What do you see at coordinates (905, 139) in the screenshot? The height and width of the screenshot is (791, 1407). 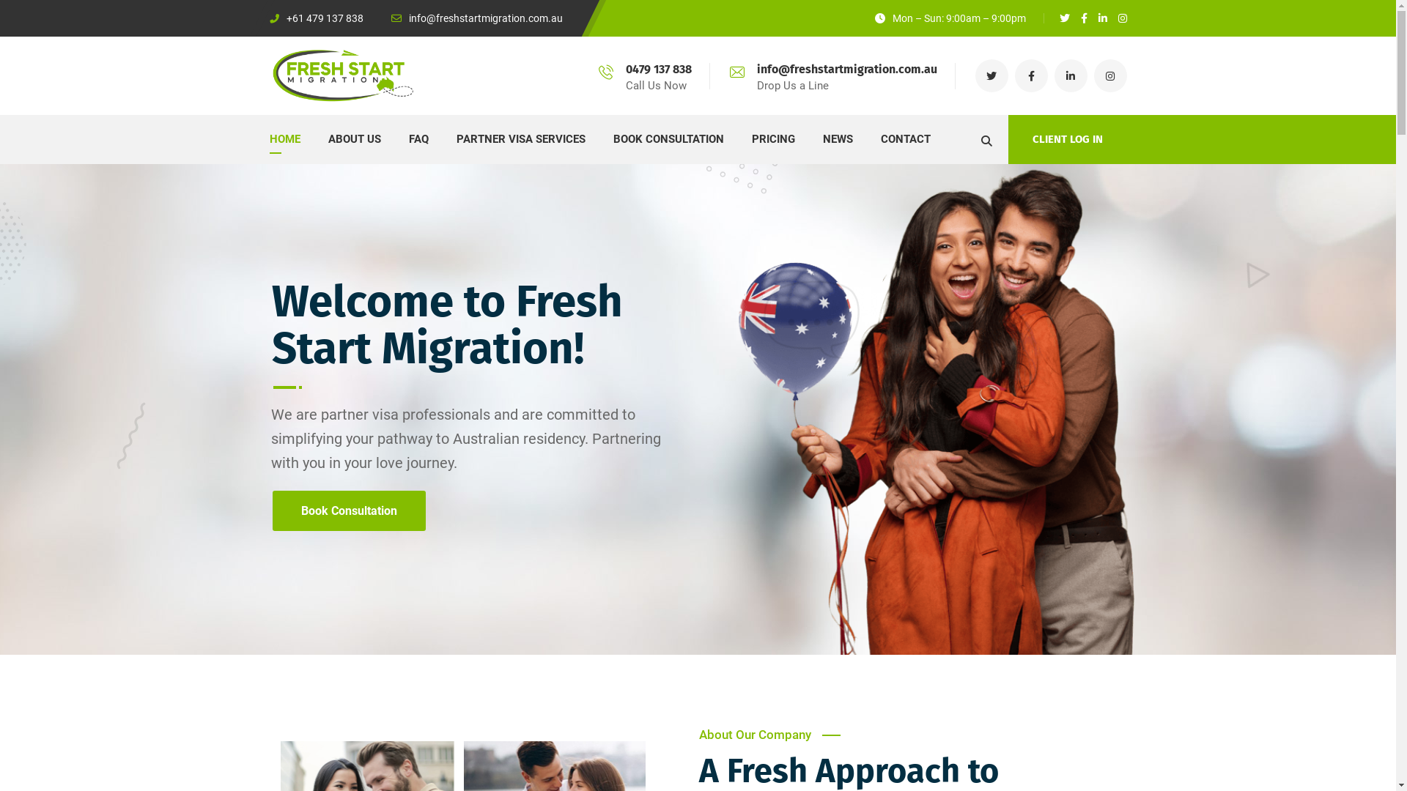 I see `'CONTACT'` at bounding box center [905, 139].